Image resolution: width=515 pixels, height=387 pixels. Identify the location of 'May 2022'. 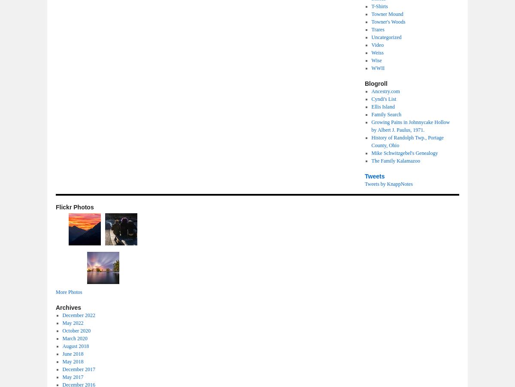
(62, 322).